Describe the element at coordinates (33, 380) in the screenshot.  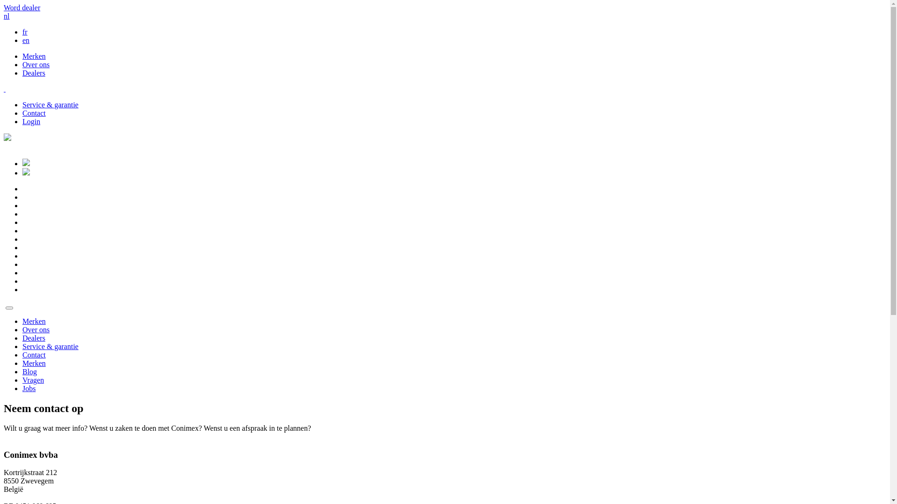
I see `'Vragen'` at that location.